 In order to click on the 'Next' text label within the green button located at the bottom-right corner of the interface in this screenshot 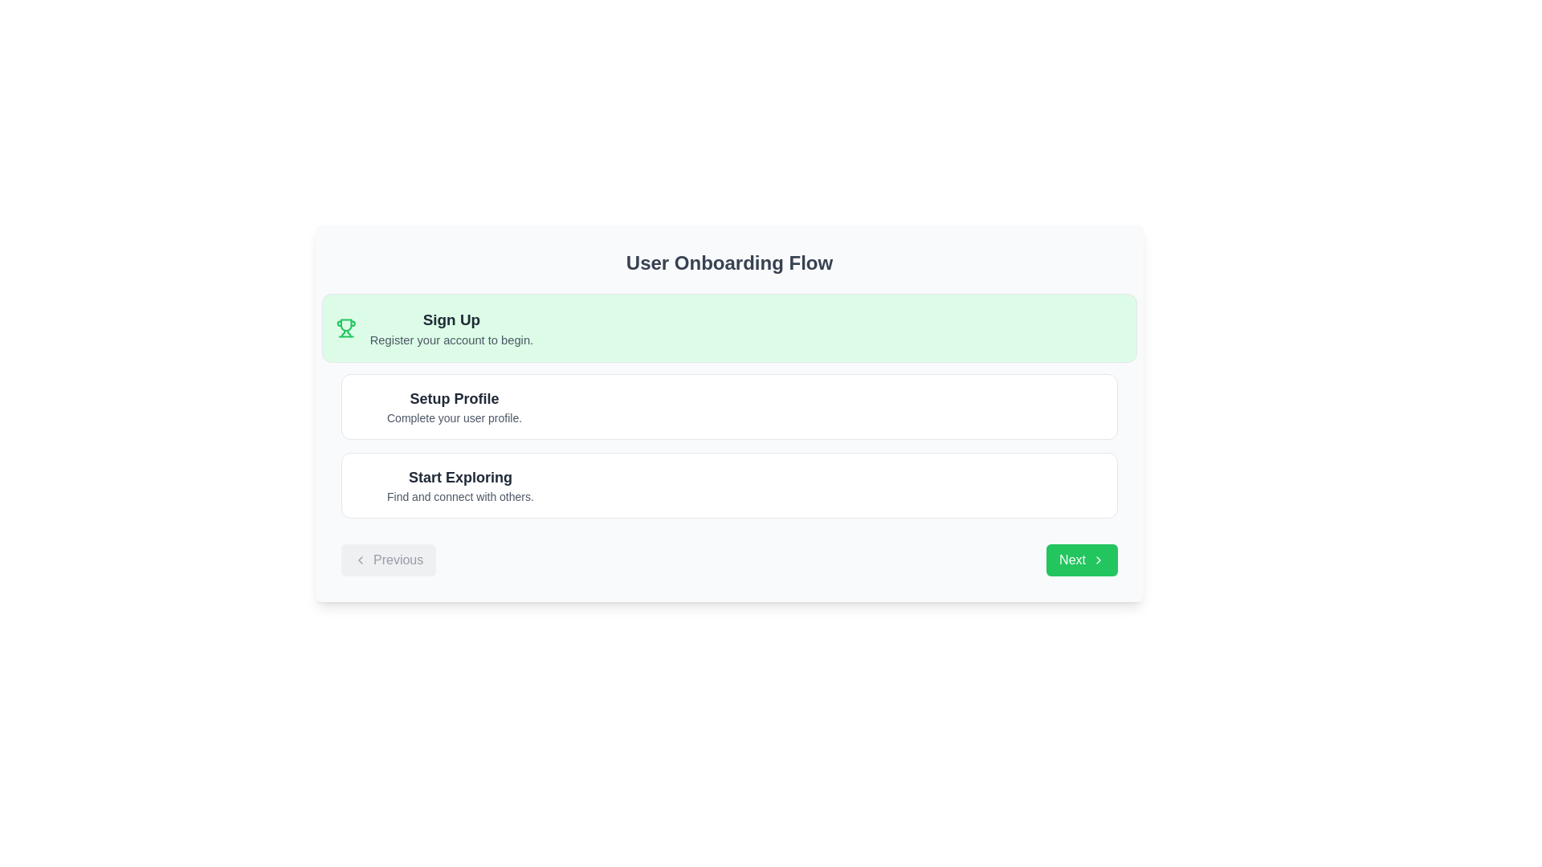, I will do `click(1072, 560)`.